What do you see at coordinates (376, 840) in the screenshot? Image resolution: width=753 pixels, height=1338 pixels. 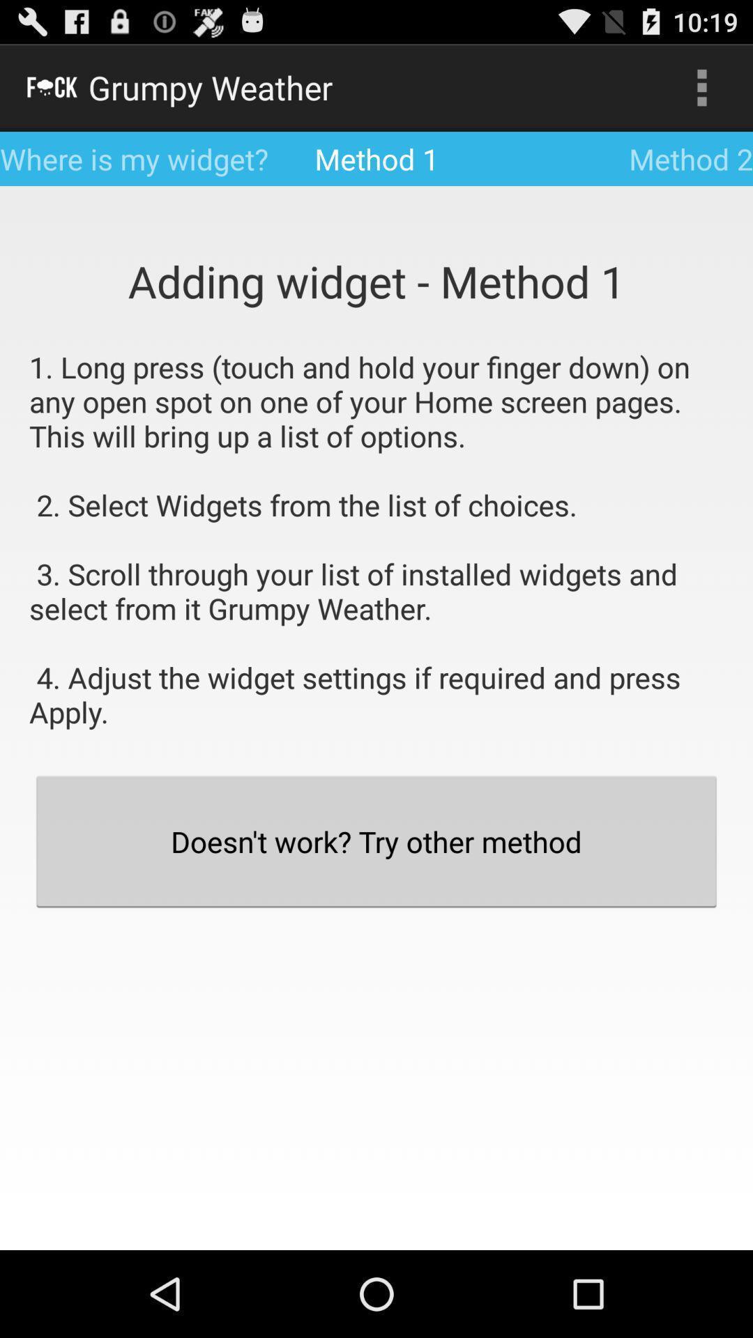 I see `the item below 1 long press item` at bounding box center [376, 840].